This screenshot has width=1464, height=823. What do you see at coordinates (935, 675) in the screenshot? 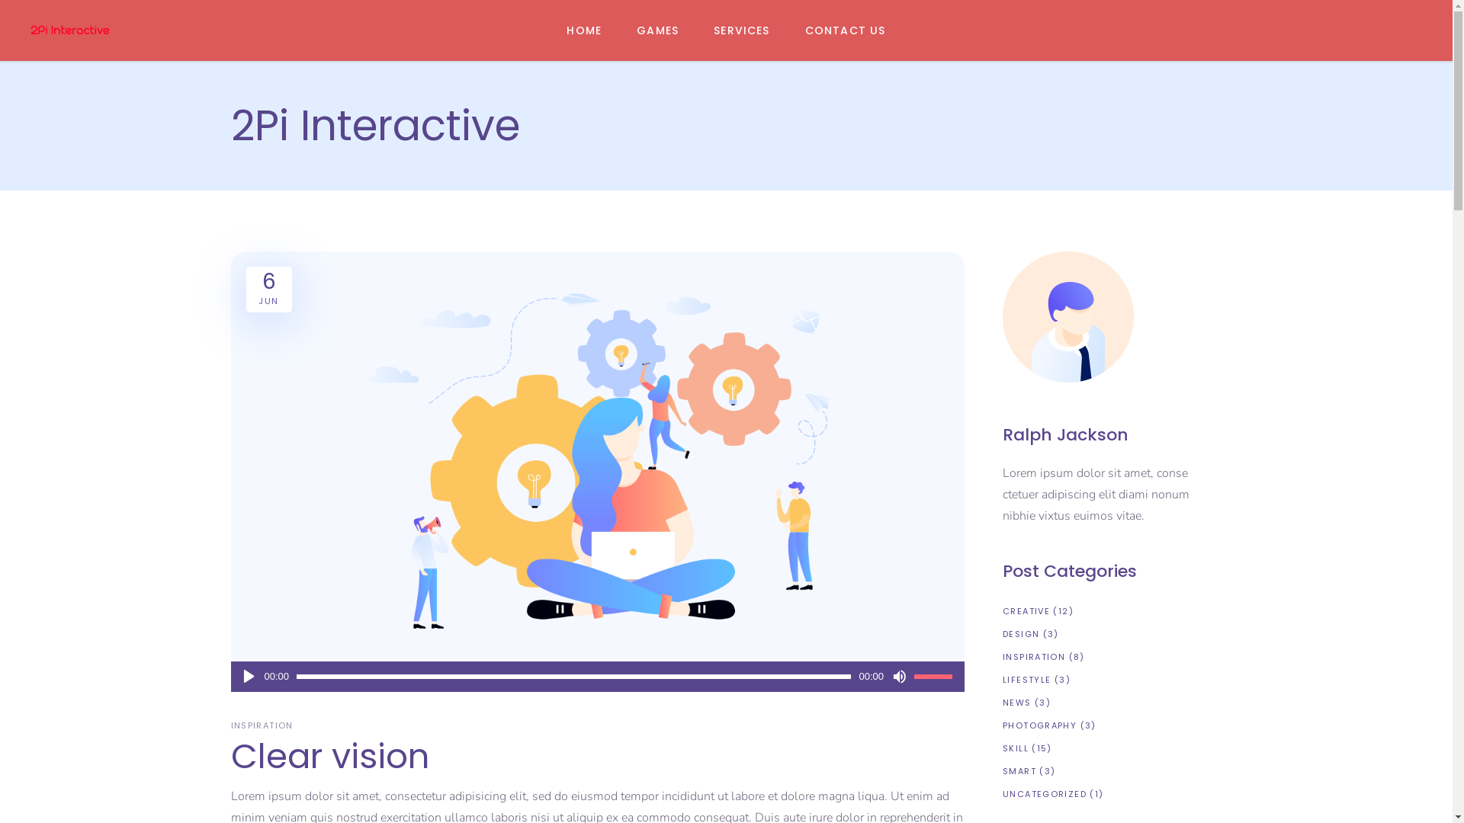
I see `'Use Up/Down Arrow keys to increase or decrease volume.'` at bounding box center [935, 675].